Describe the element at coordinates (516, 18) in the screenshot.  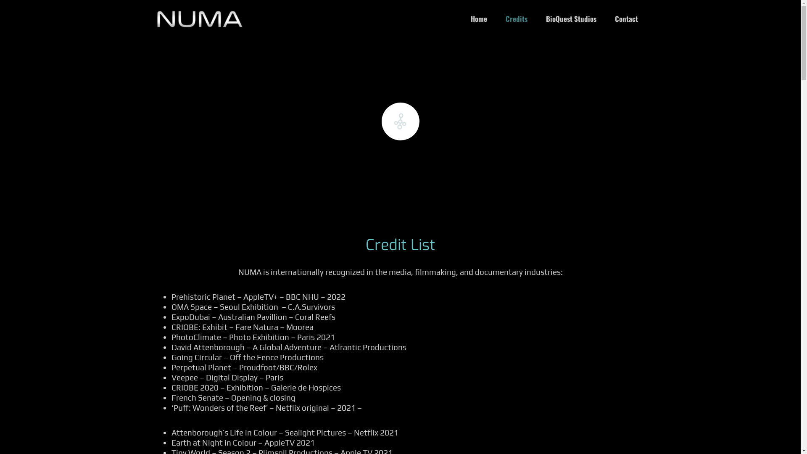
I see `'Credits'` at that location.